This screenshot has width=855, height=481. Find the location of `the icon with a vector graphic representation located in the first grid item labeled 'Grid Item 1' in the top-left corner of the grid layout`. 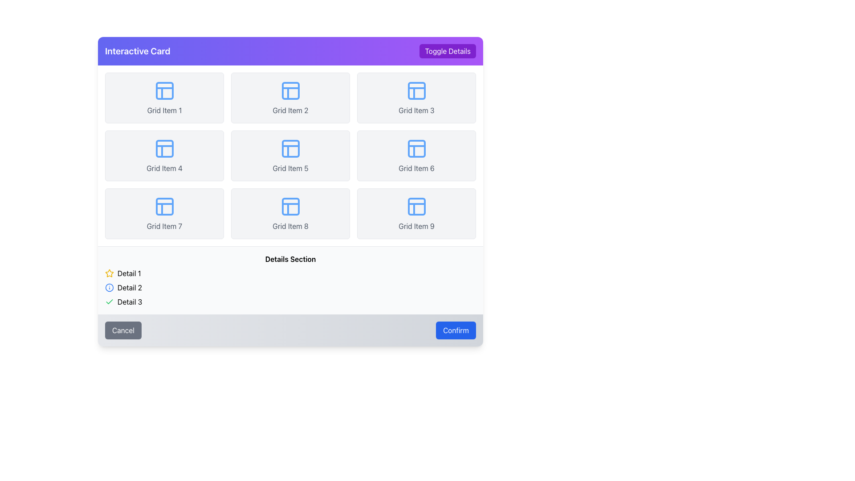

the icon with a vector graphic representation located in the first grid item labeled 'Grid Item 1' in the top-left corner of the grid layout is located at coordinates (164, 91).